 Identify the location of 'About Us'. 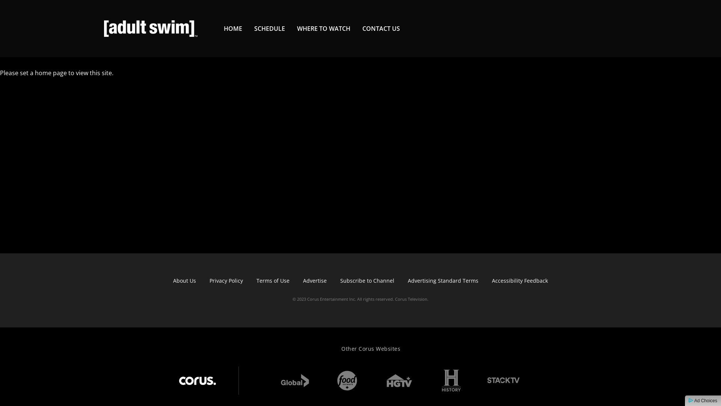
(184, 280).